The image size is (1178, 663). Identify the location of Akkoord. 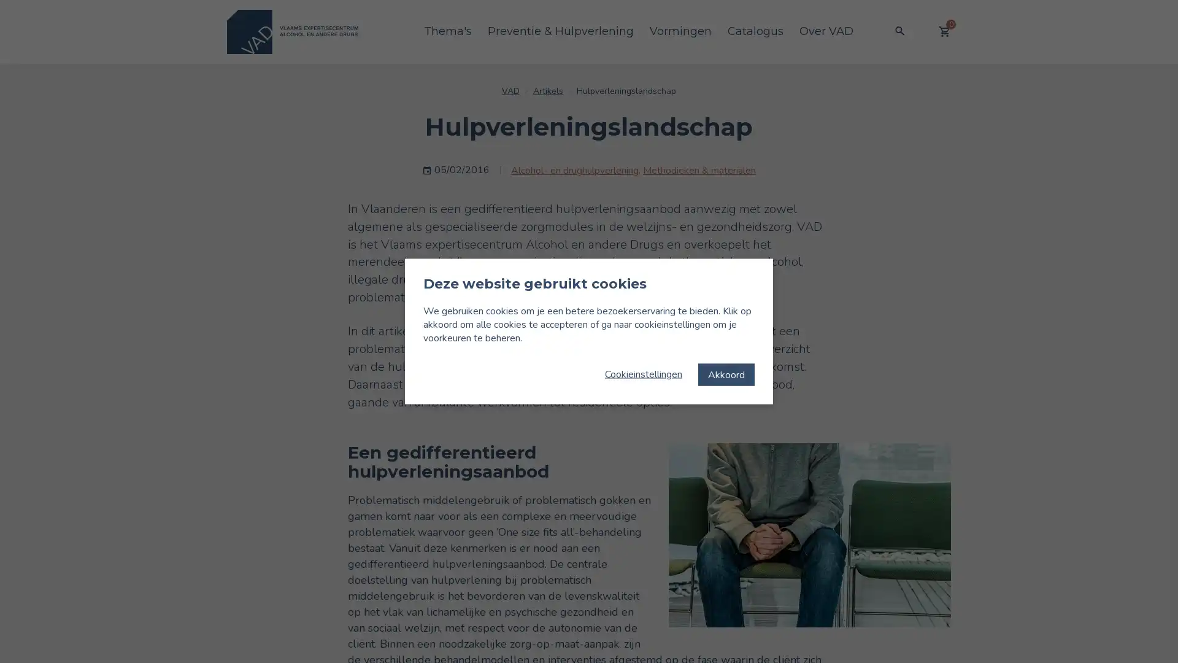
(726, 373).